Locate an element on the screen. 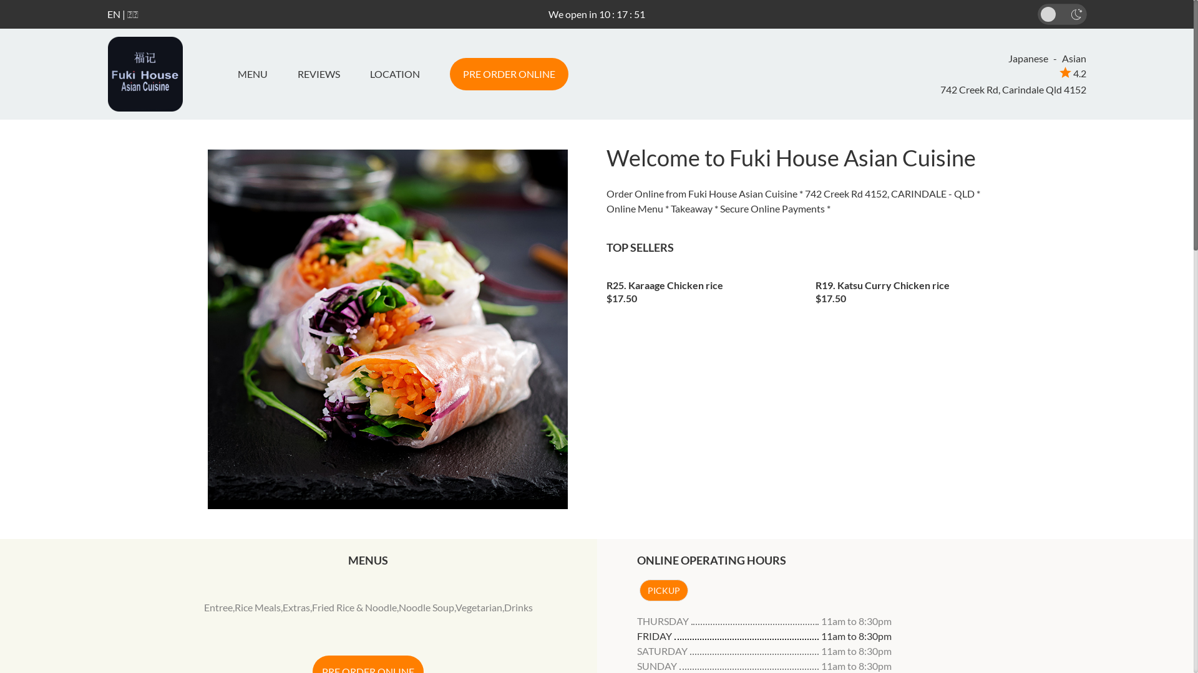  'REVIEWS' is located at coordinates (318, 74).